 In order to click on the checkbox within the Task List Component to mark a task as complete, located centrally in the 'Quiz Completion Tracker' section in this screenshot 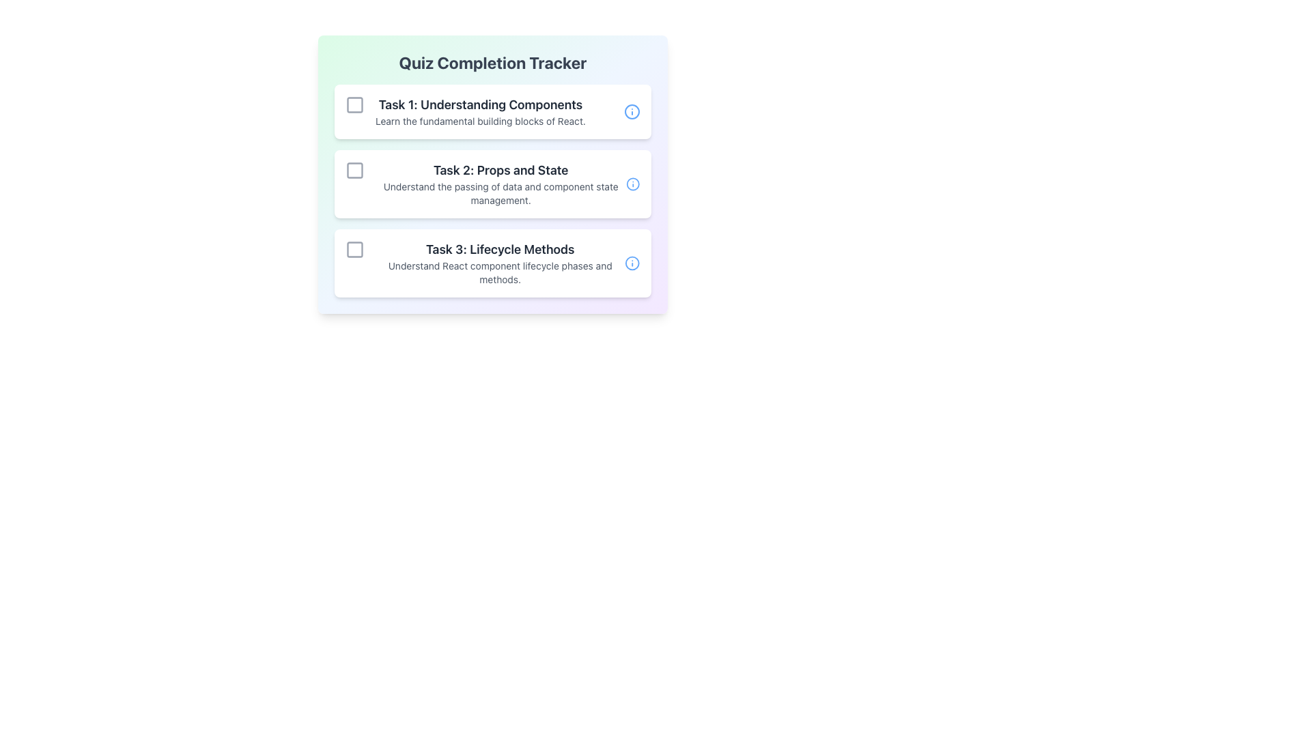, I will do `click(492, 191)`.